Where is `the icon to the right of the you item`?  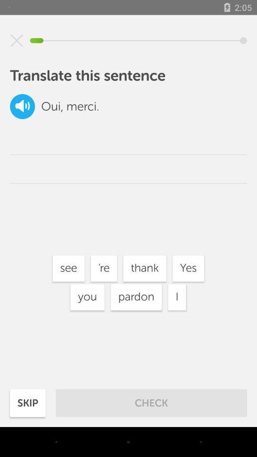 the icon to the right of the you item is located at coordinates (136, 297).